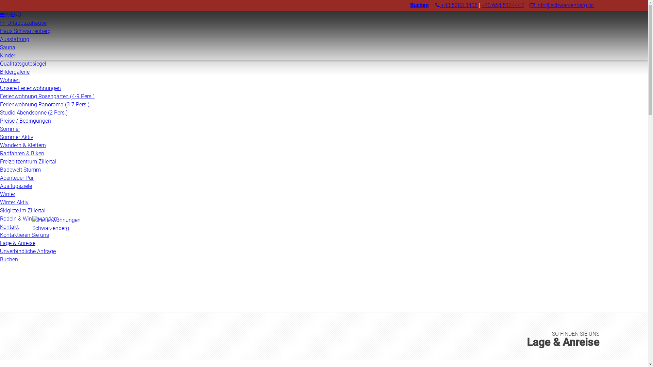 This screenshot has width=653, height=367. Describe the element at coordinates (503, 5) in the screenshot. I see `'+43 664 5124447'` at that location.